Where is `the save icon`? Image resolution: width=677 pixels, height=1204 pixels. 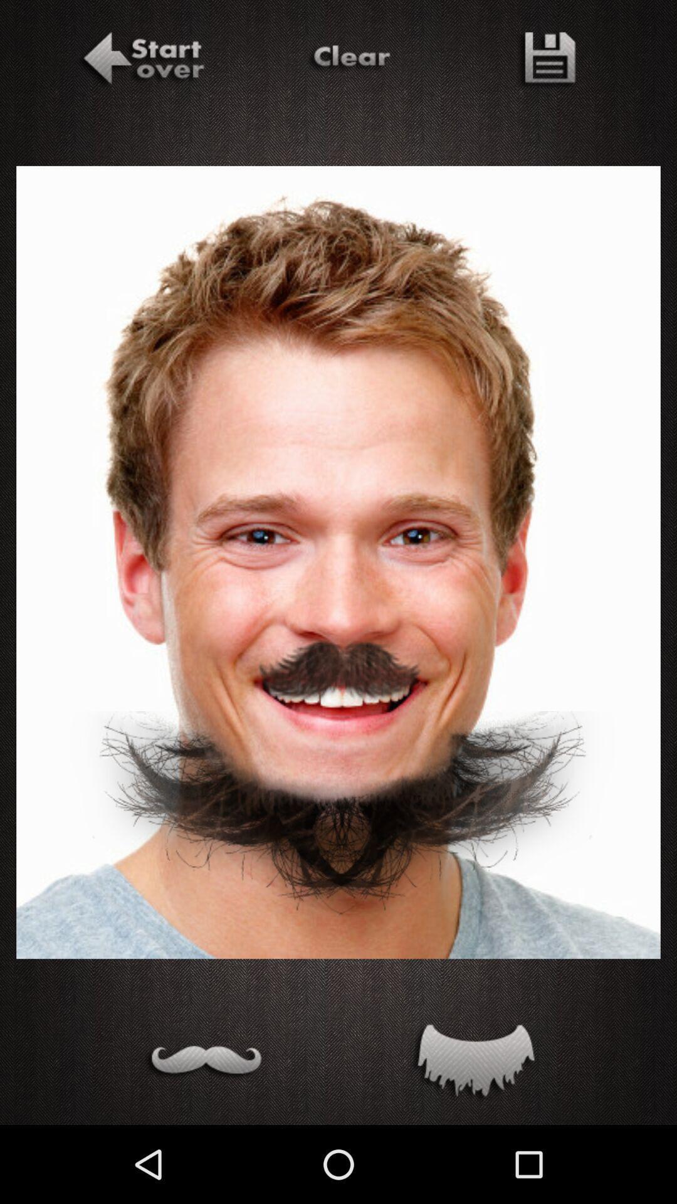 the save icon is located at coordinates (545, 60).